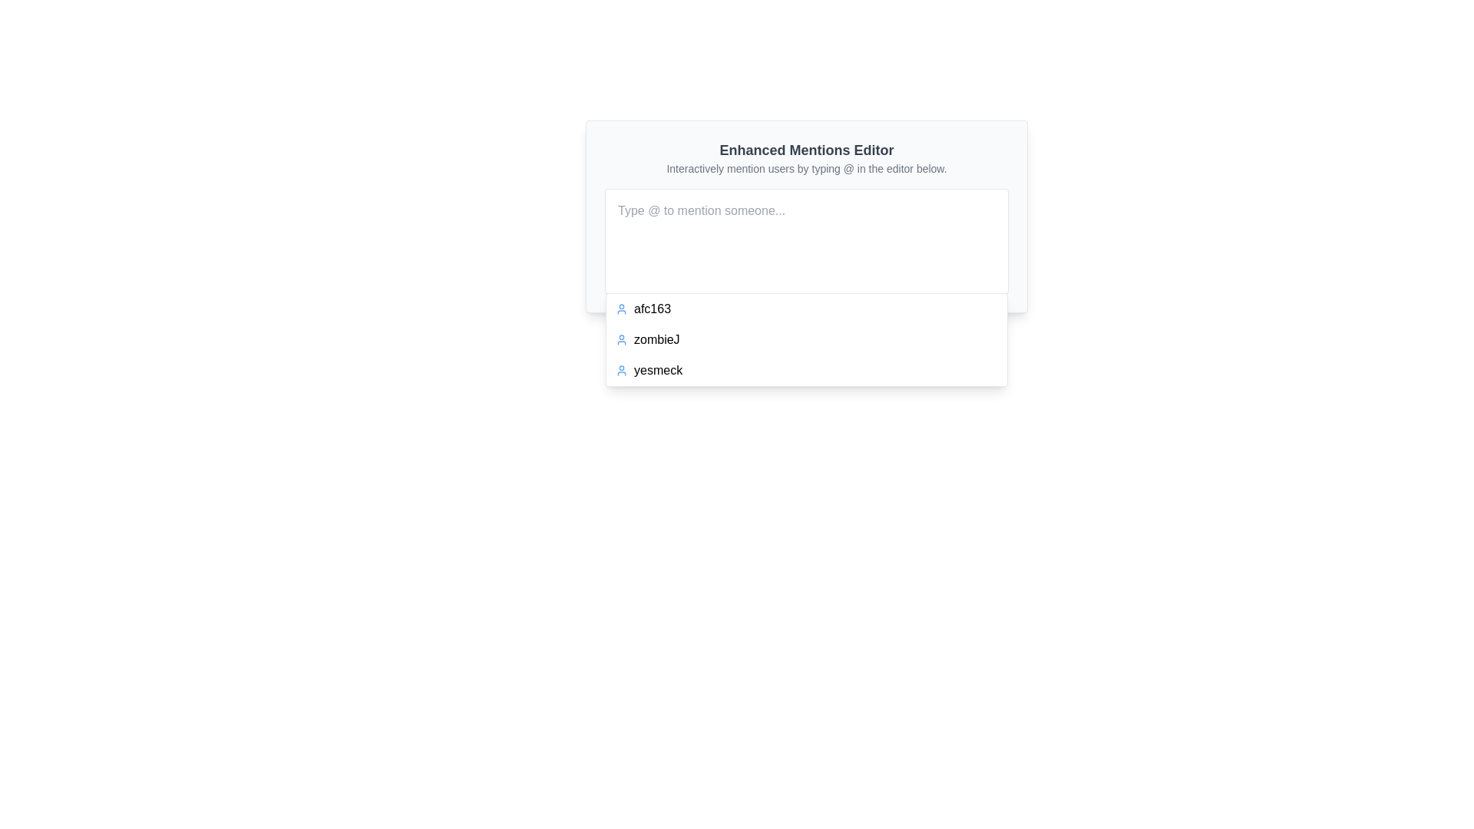 Image resolution: width=1474 pixels, height=829 pixels. I want to click on the blue SVG-based user profile icon located to the left of the text 'afc163' in the user suggestions list, so click(622, 309).